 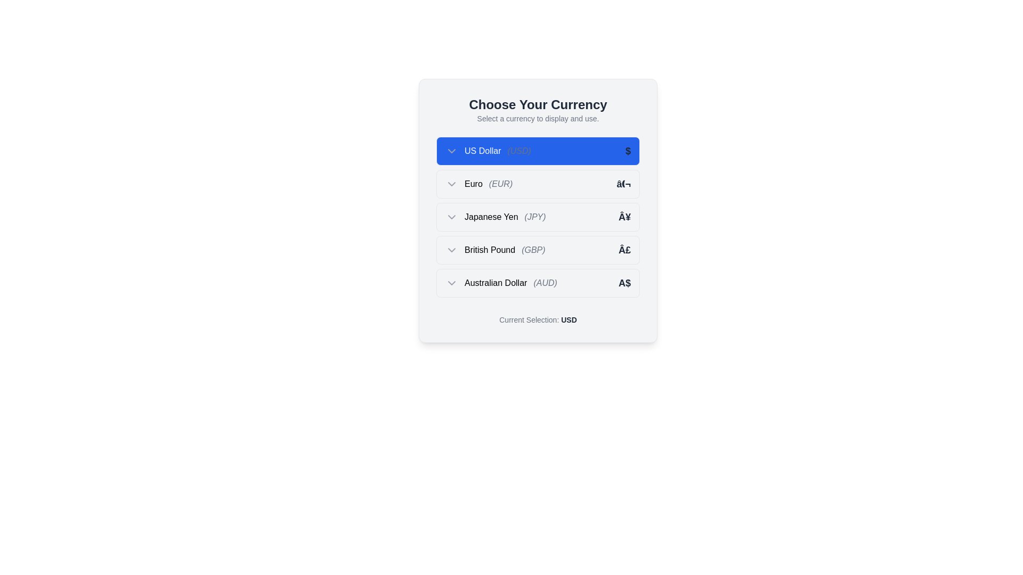 I want to click on the static text label indicating the currency code 'EUR' for the Euro currency, which is positioned immediately to the right of the word 'Euro' in the second row of the currency selection list, so click(x=500, y=184).